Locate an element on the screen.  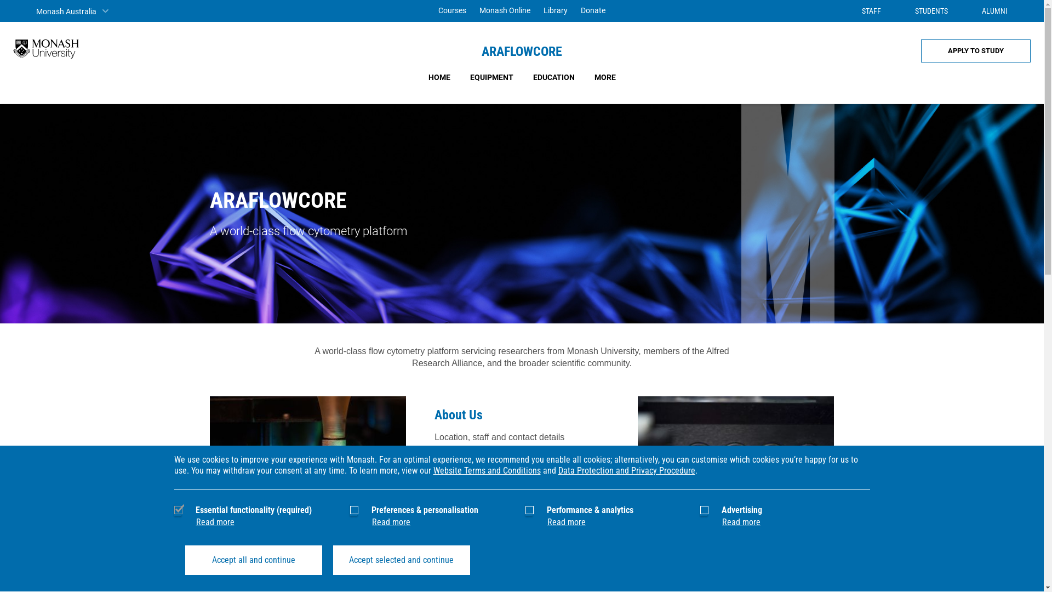
'Monash Australia' is located at coordinates (72, 10).